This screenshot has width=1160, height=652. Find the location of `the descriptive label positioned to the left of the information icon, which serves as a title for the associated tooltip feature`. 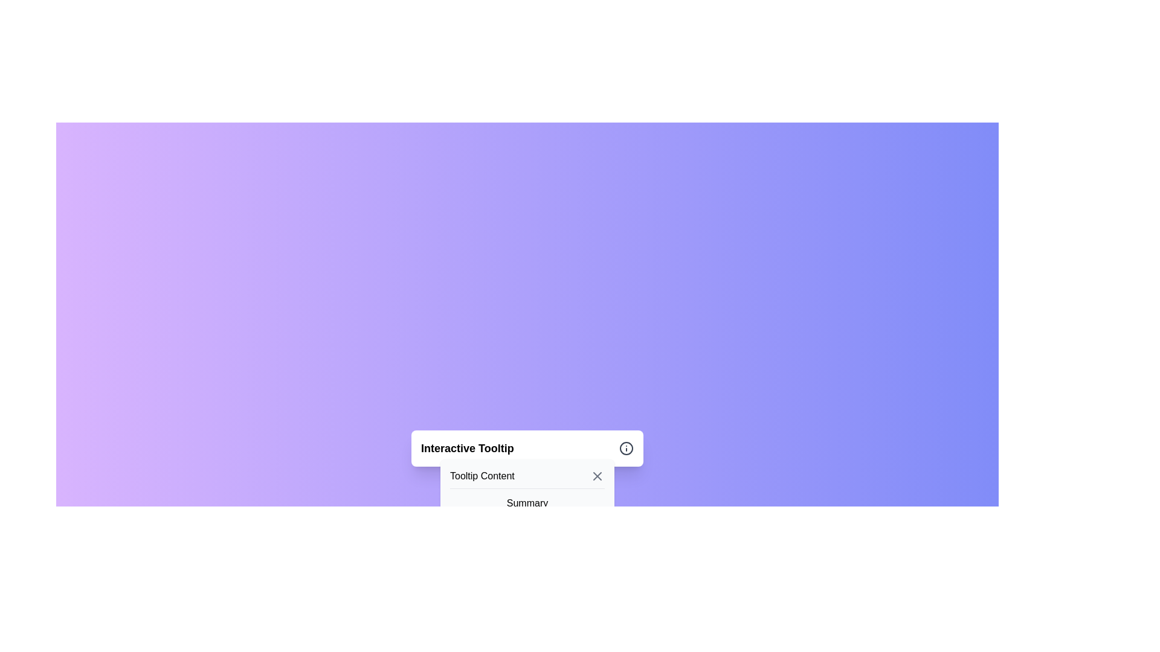

the descriptive label positioned to the left of the information icon, which serves as a title for the associated tooltip feature is located at coordinates (466, 449).